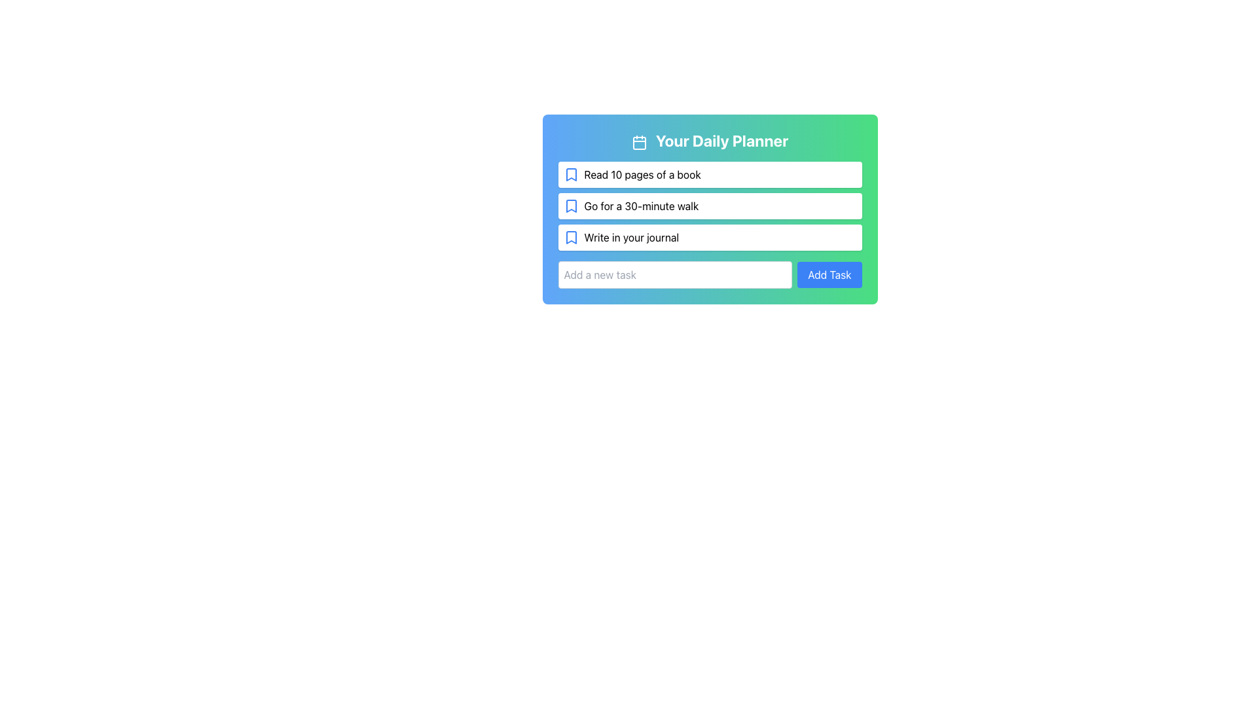 This screenshot has height=707, width=1257. I want to click on the small white calendar icon located to the immediate left of the text 'Your Daily Planner' in the header section of the planner widget, so click(639, 142).